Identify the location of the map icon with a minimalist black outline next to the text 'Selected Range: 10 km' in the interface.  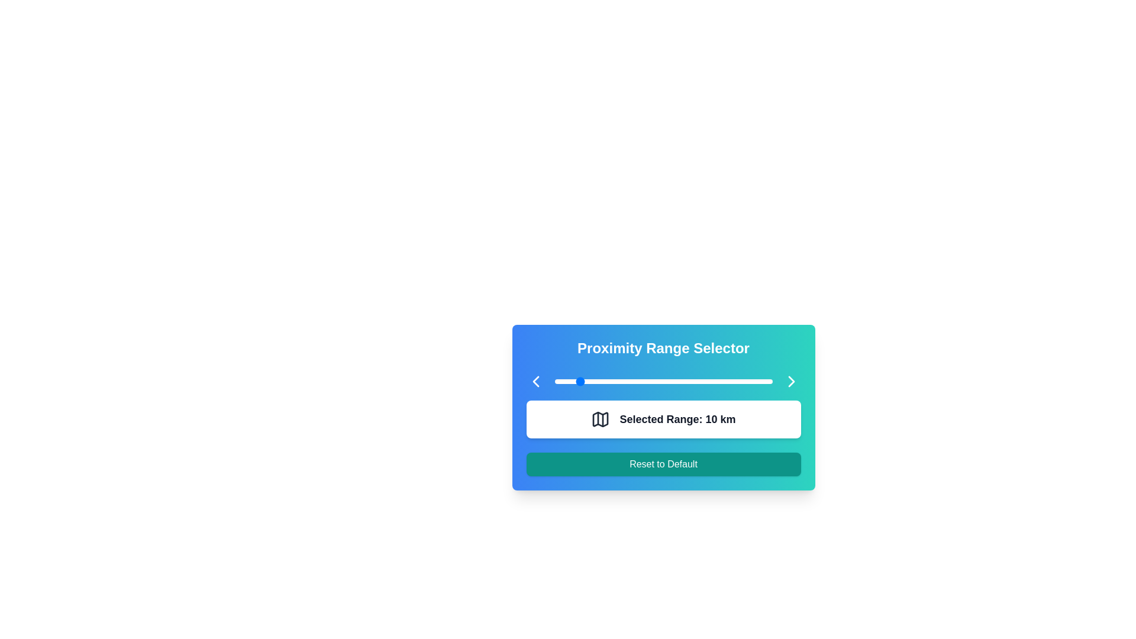
(601, 419).